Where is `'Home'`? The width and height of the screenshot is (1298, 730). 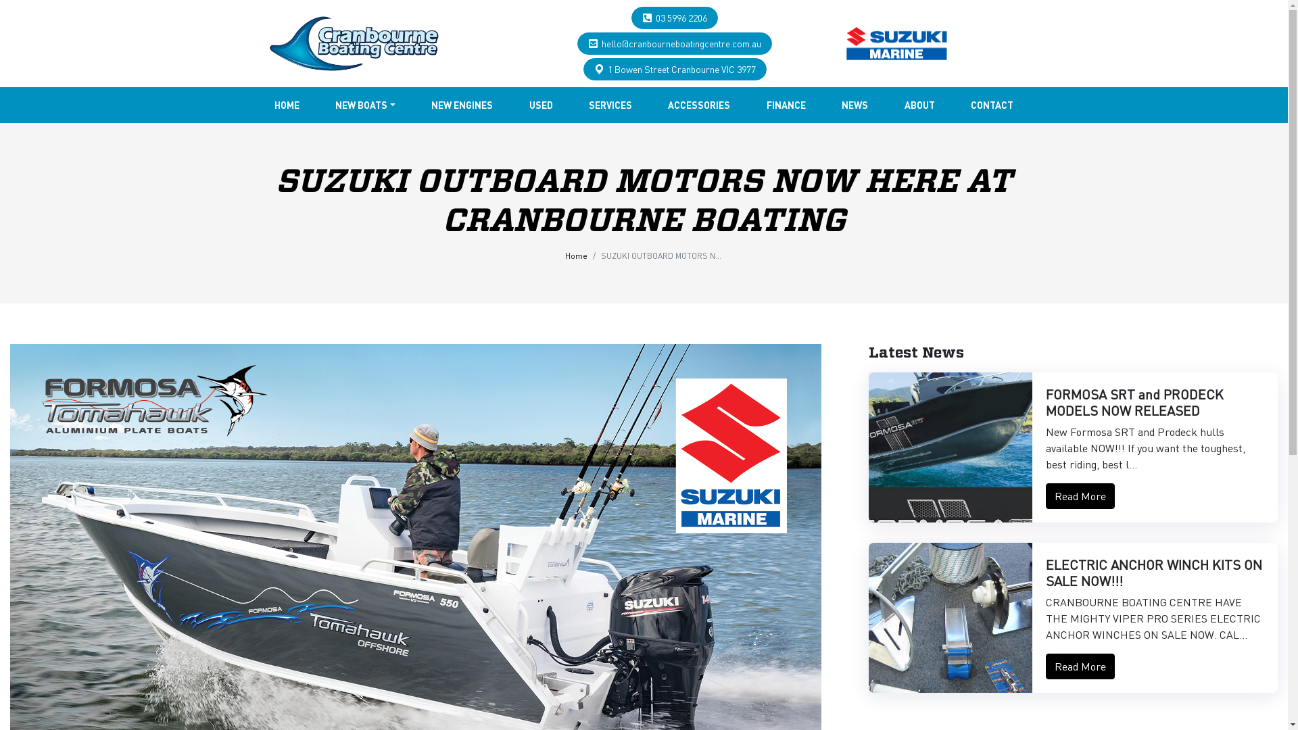 'Home' is located at coordinates (576, 255).